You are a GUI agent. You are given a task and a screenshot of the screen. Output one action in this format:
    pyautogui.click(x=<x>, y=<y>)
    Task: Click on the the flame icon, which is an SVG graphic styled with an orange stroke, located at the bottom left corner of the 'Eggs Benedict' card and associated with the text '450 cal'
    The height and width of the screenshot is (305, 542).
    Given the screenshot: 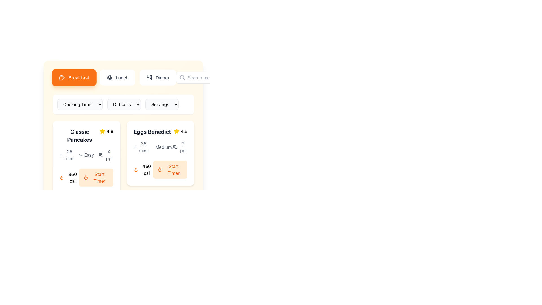 What is the action you would take?
    pyautogui.click(x=136, y=169)
    